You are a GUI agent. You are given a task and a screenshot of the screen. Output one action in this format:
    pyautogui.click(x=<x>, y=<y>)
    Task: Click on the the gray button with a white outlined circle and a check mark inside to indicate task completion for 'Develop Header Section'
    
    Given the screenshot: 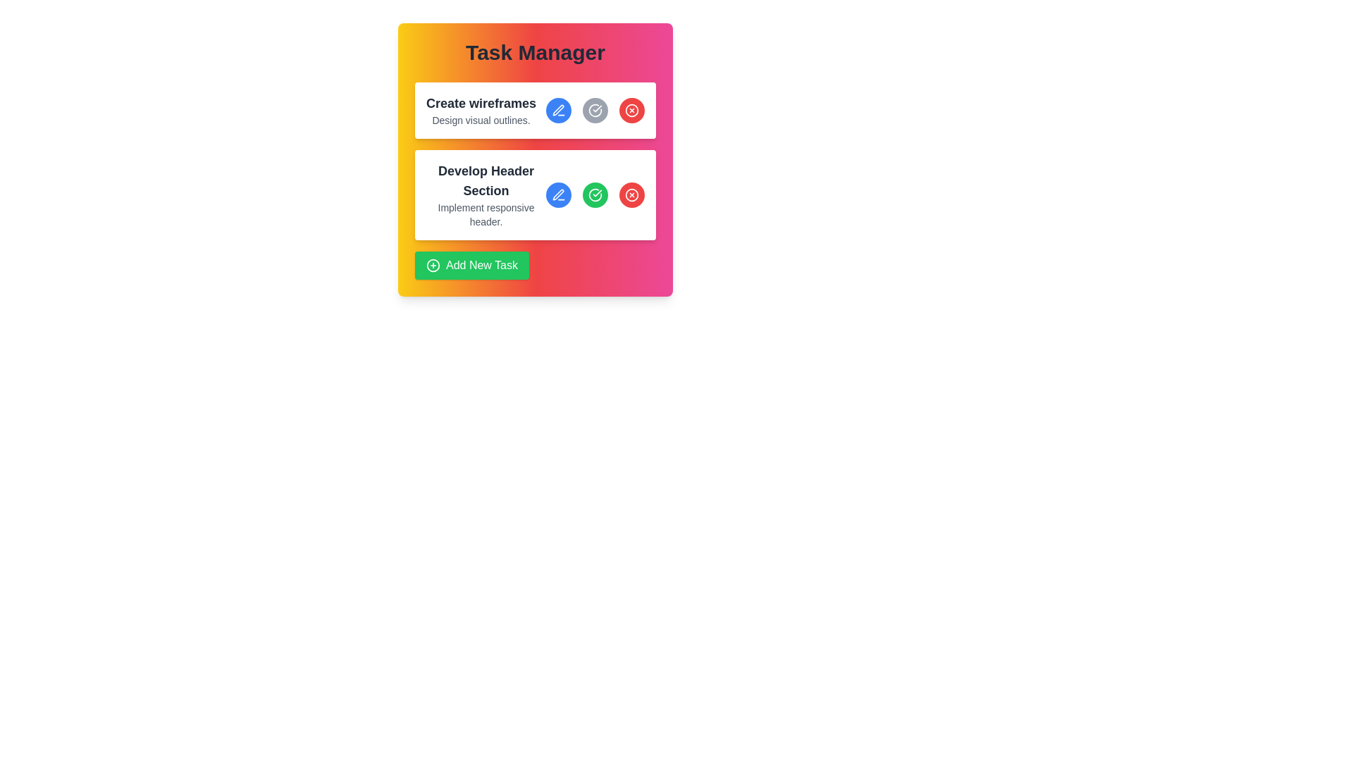 What is the action you would take?
    pyautogui.click(x=595, y=110)
    